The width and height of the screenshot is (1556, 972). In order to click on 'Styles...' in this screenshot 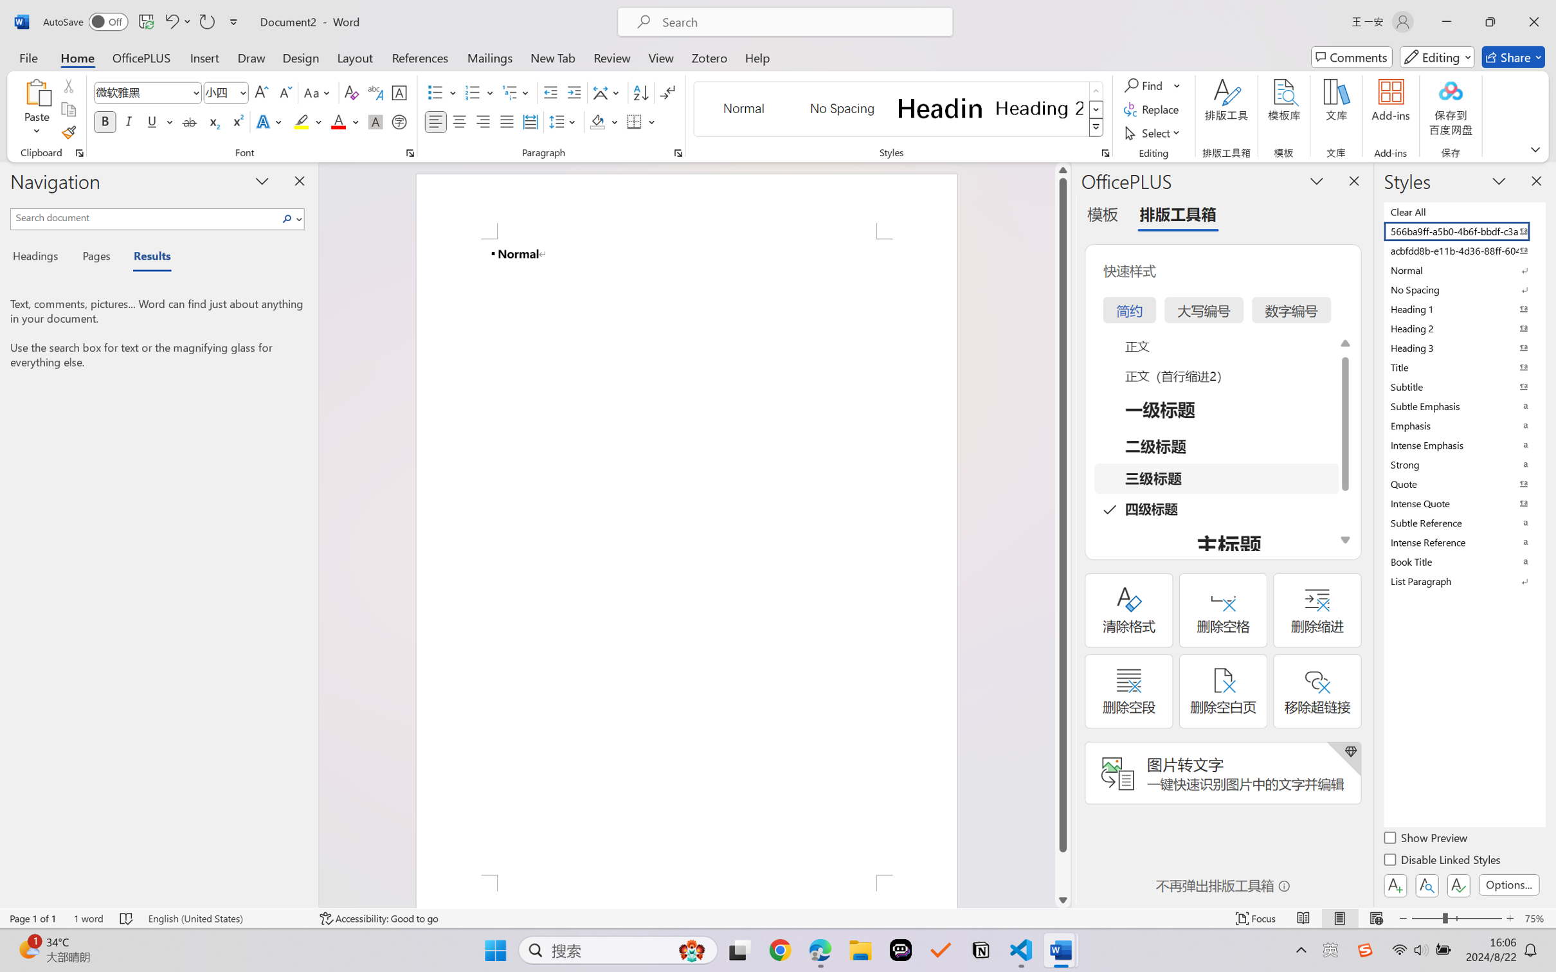, I will do `click(1105, 152)`.